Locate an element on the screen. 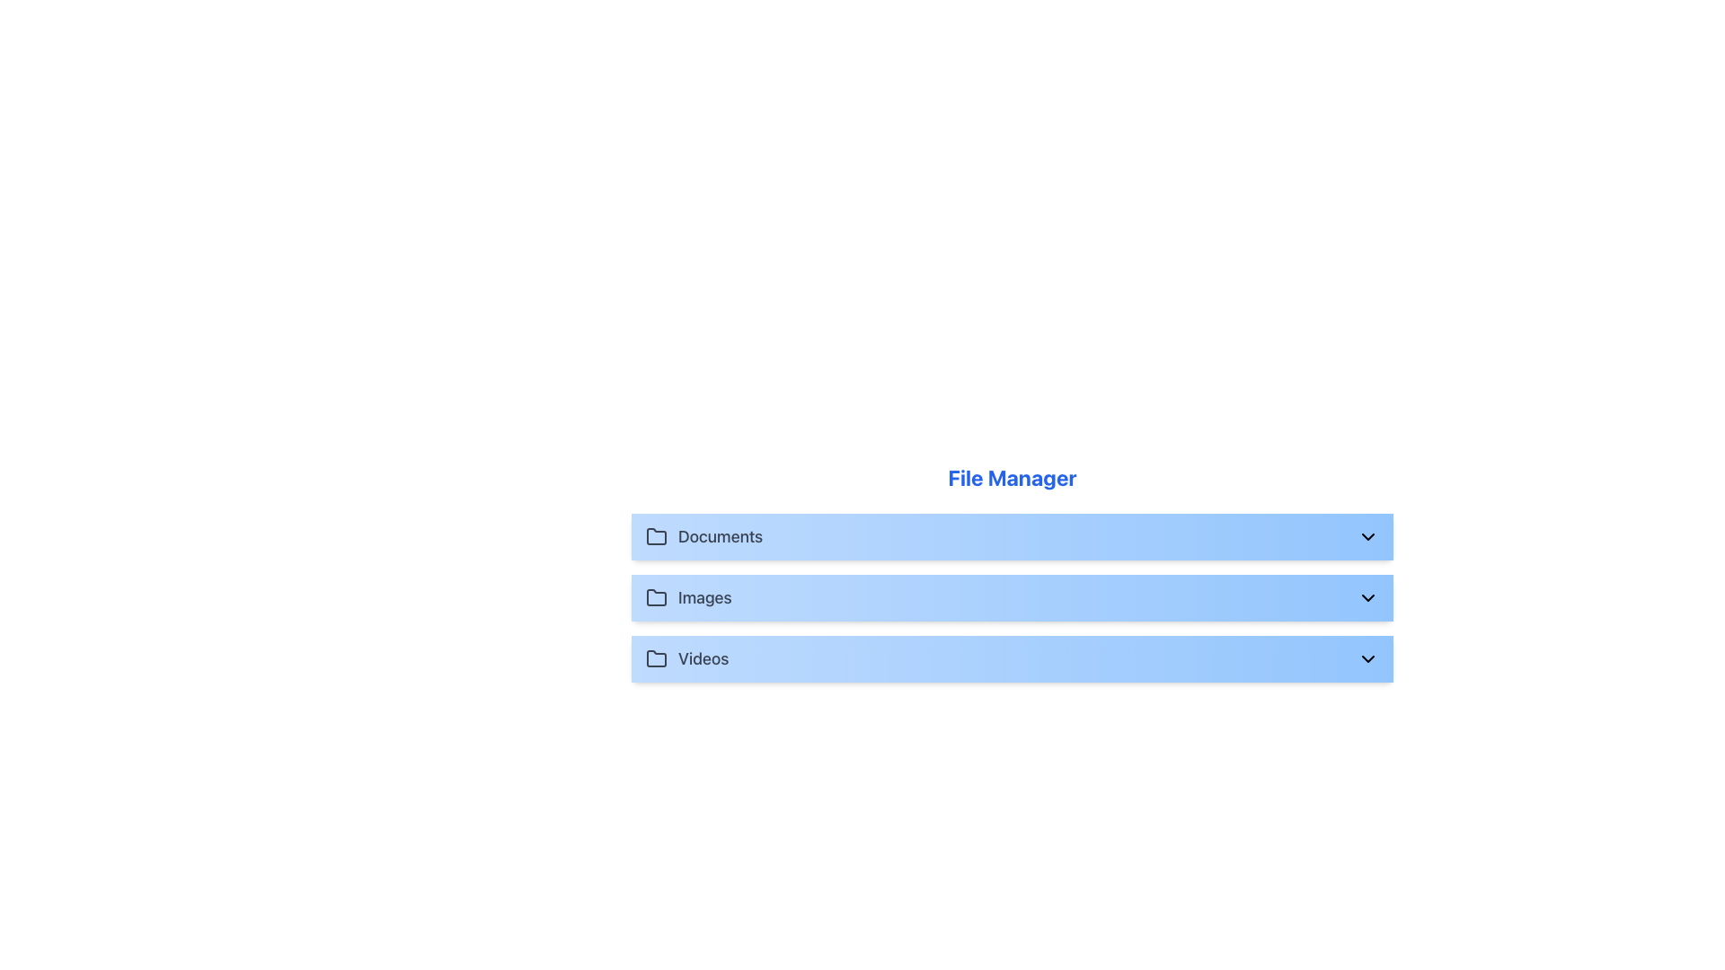 This screenshot has height=970, width=1725. the 'Videos' label, which is displayed in medium gray font and represents a section in a vertical list of folders is located at coordinates (703, 658).